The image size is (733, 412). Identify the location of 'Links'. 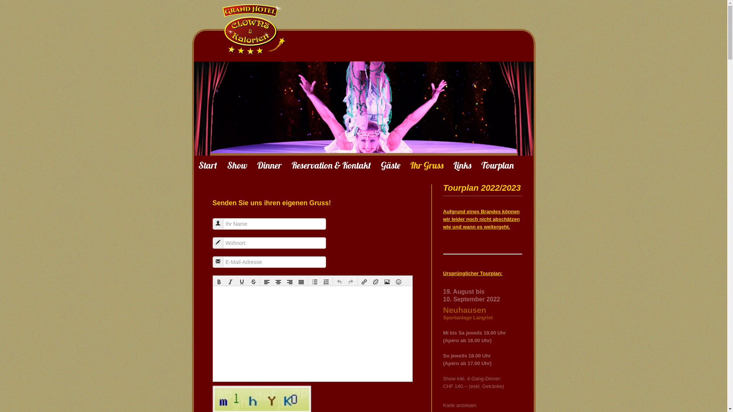
(454, 164).